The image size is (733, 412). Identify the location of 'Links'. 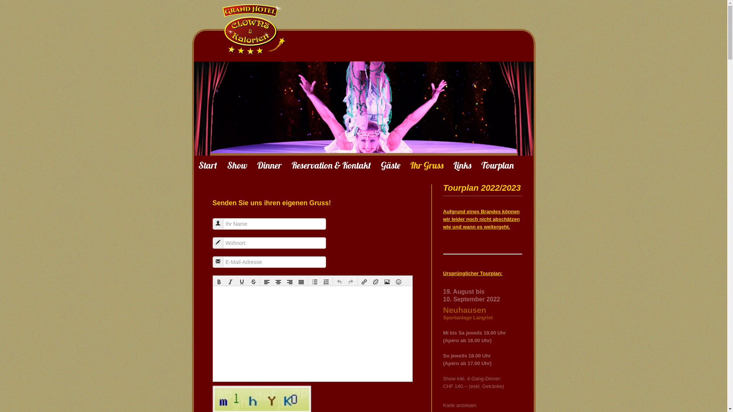
(454, 164).